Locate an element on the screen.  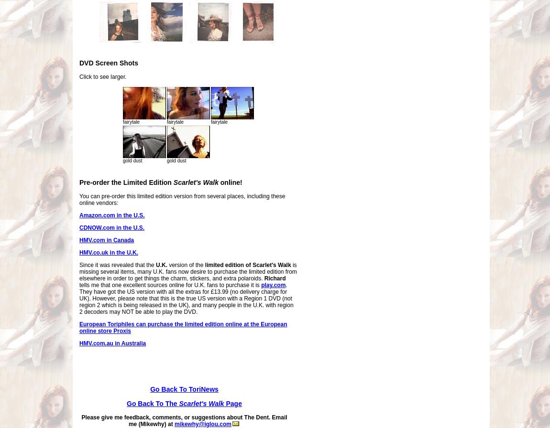
'HMV.com.au in Australia' is located at coordinates (112, 343).